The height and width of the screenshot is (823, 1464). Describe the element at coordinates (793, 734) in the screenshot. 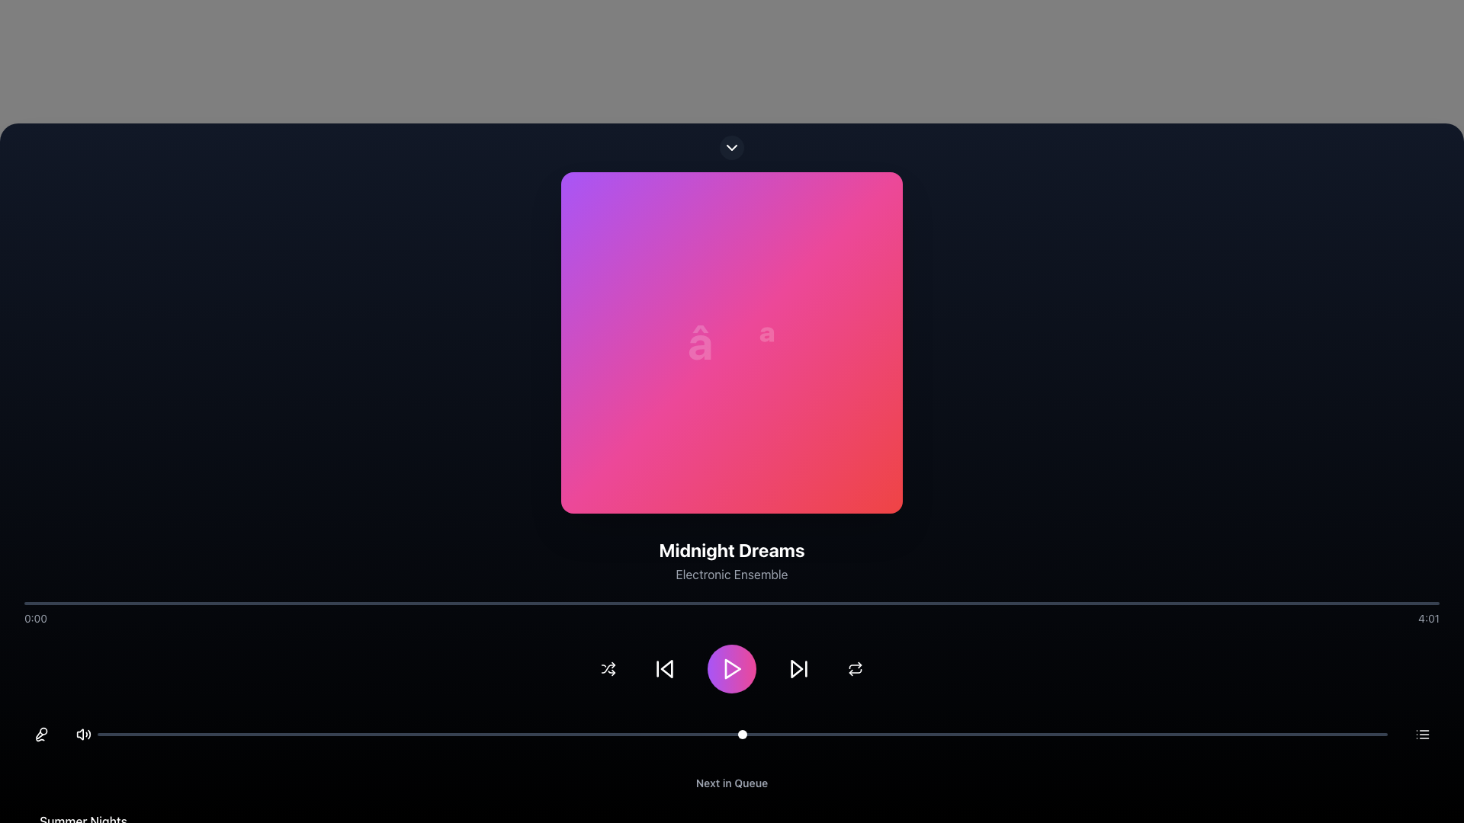

I see `the timeline position` at that location.